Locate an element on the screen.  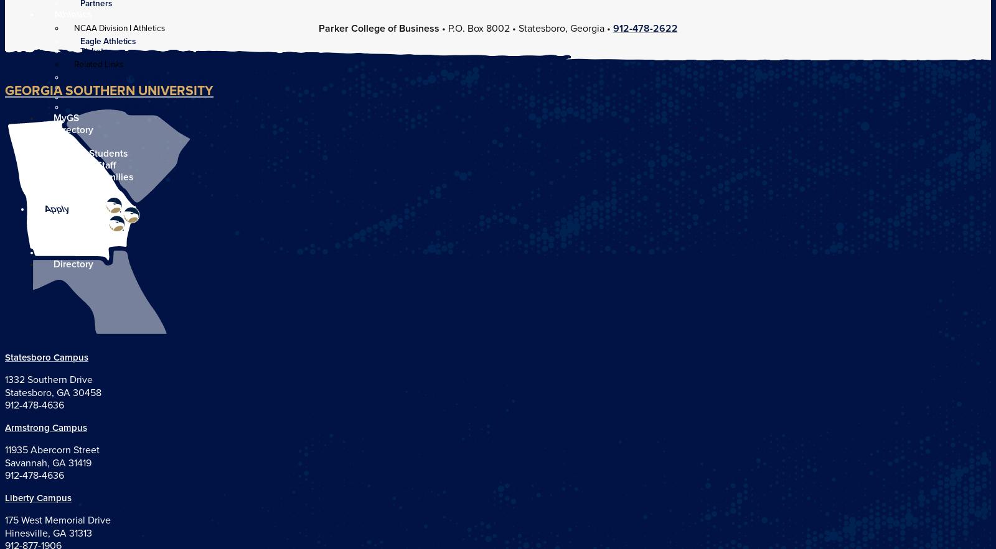
'Related Links' is located at coordinates (98, 63).